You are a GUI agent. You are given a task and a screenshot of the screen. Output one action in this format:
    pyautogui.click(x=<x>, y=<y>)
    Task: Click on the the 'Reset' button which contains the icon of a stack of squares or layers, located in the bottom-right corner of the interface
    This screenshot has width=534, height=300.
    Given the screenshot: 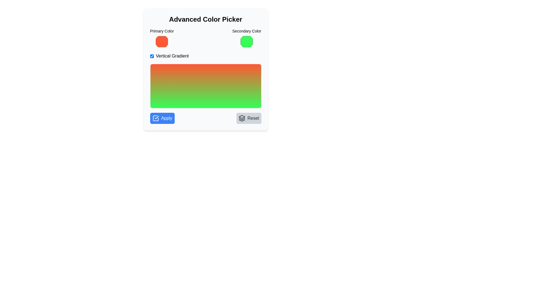 What is the action you would take?
    pyautogui.click(x=242, y=118)
    